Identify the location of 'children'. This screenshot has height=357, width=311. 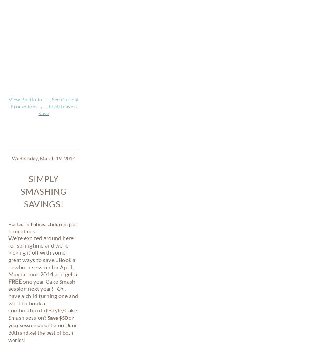
(47, 13).